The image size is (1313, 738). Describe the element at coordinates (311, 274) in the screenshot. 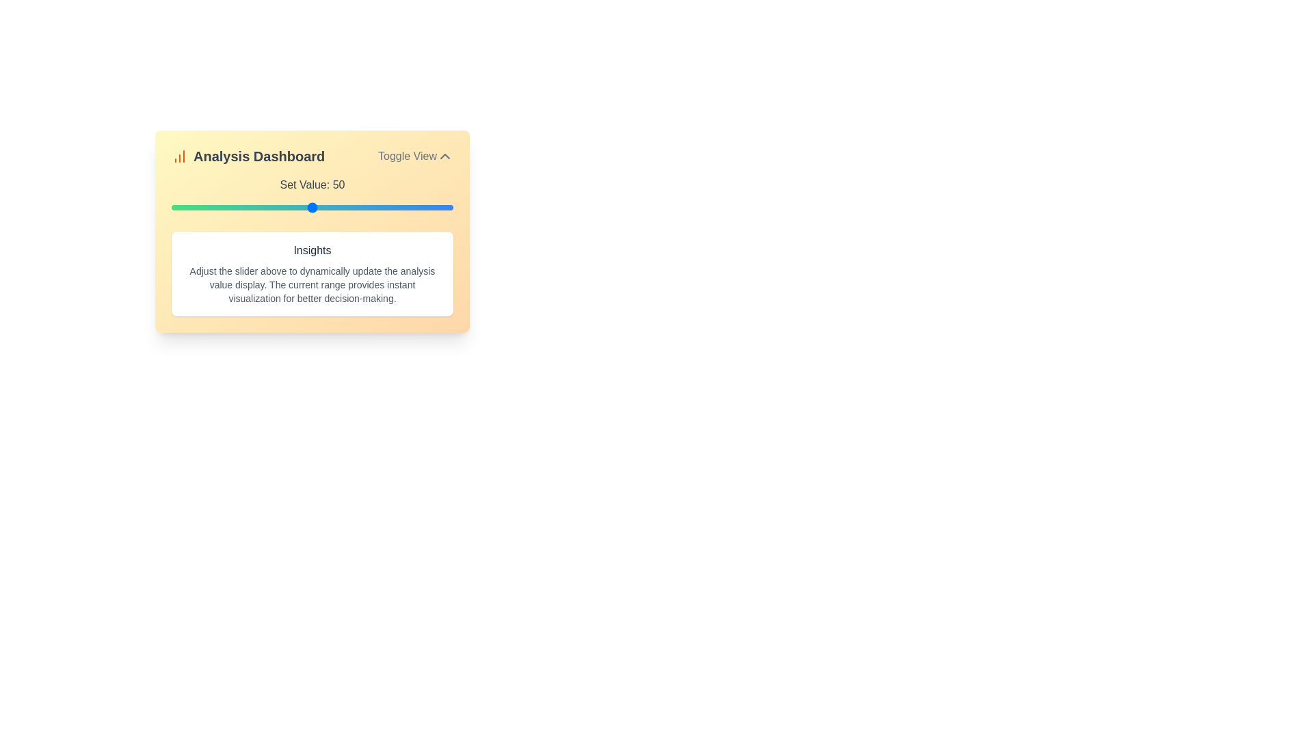

I see `the text content of the insights box` at that location.